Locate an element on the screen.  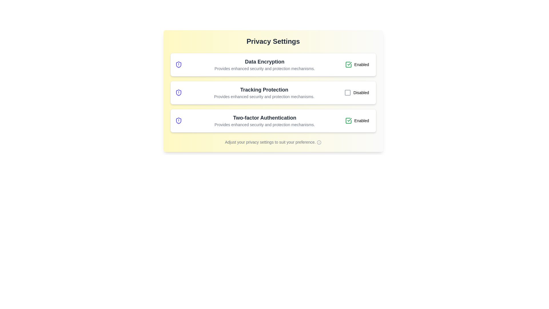
the icon representing 'Data Encryption', located at the top-left corner of the corresponding list item with the title 'Data Encryption' is located at coordinates (178, 64).